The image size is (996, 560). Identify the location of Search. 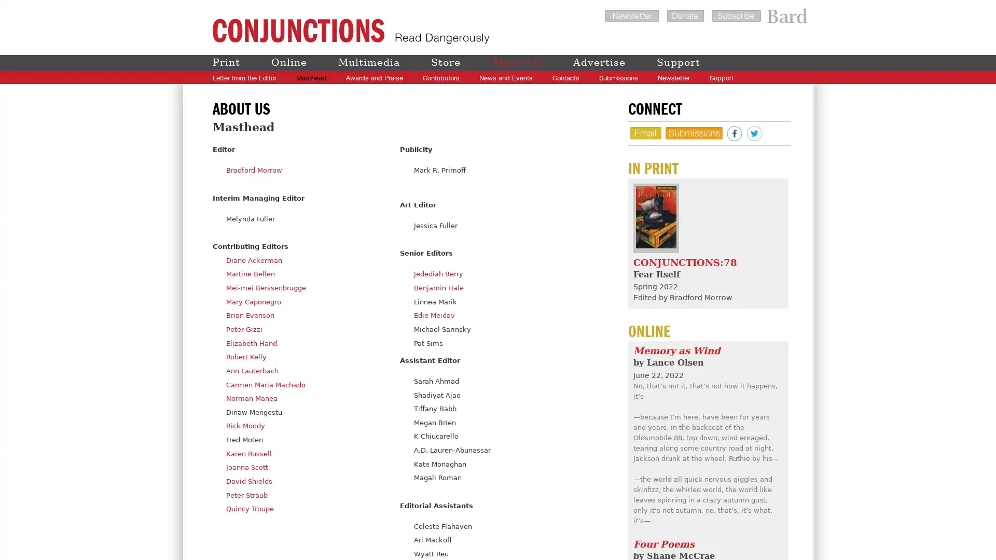
(780, 77).